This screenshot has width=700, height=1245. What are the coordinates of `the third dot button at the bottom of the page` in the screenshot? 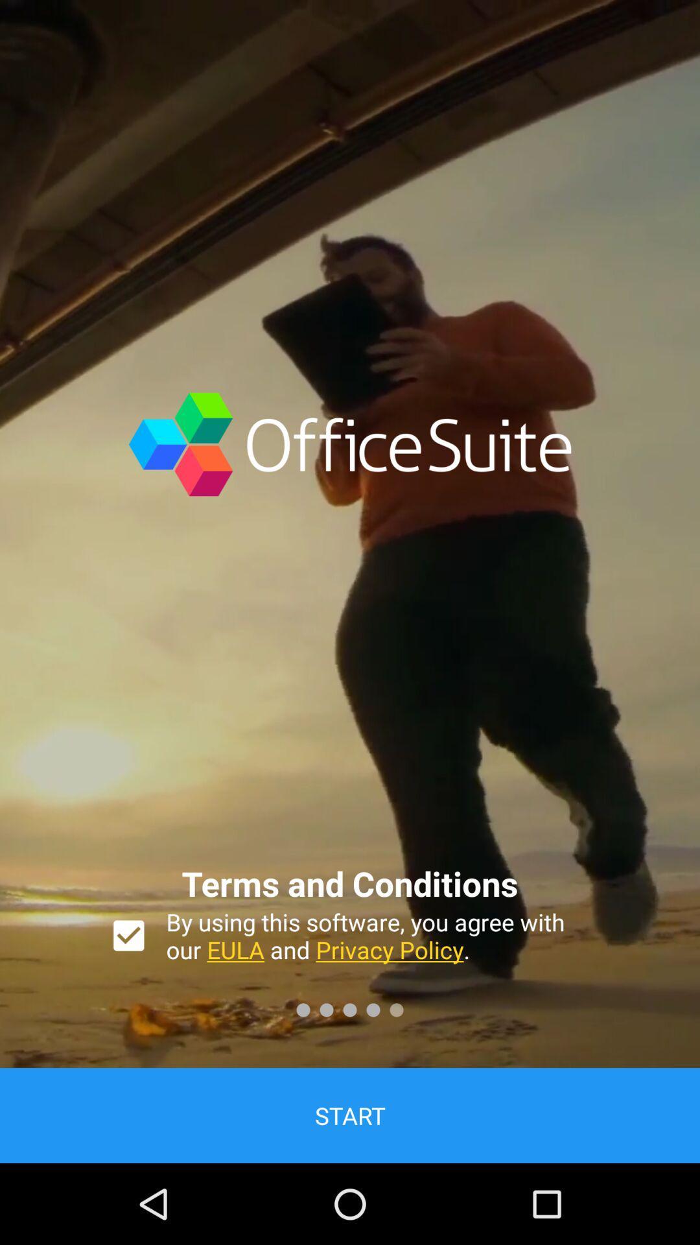 It's located at (350, 1009).